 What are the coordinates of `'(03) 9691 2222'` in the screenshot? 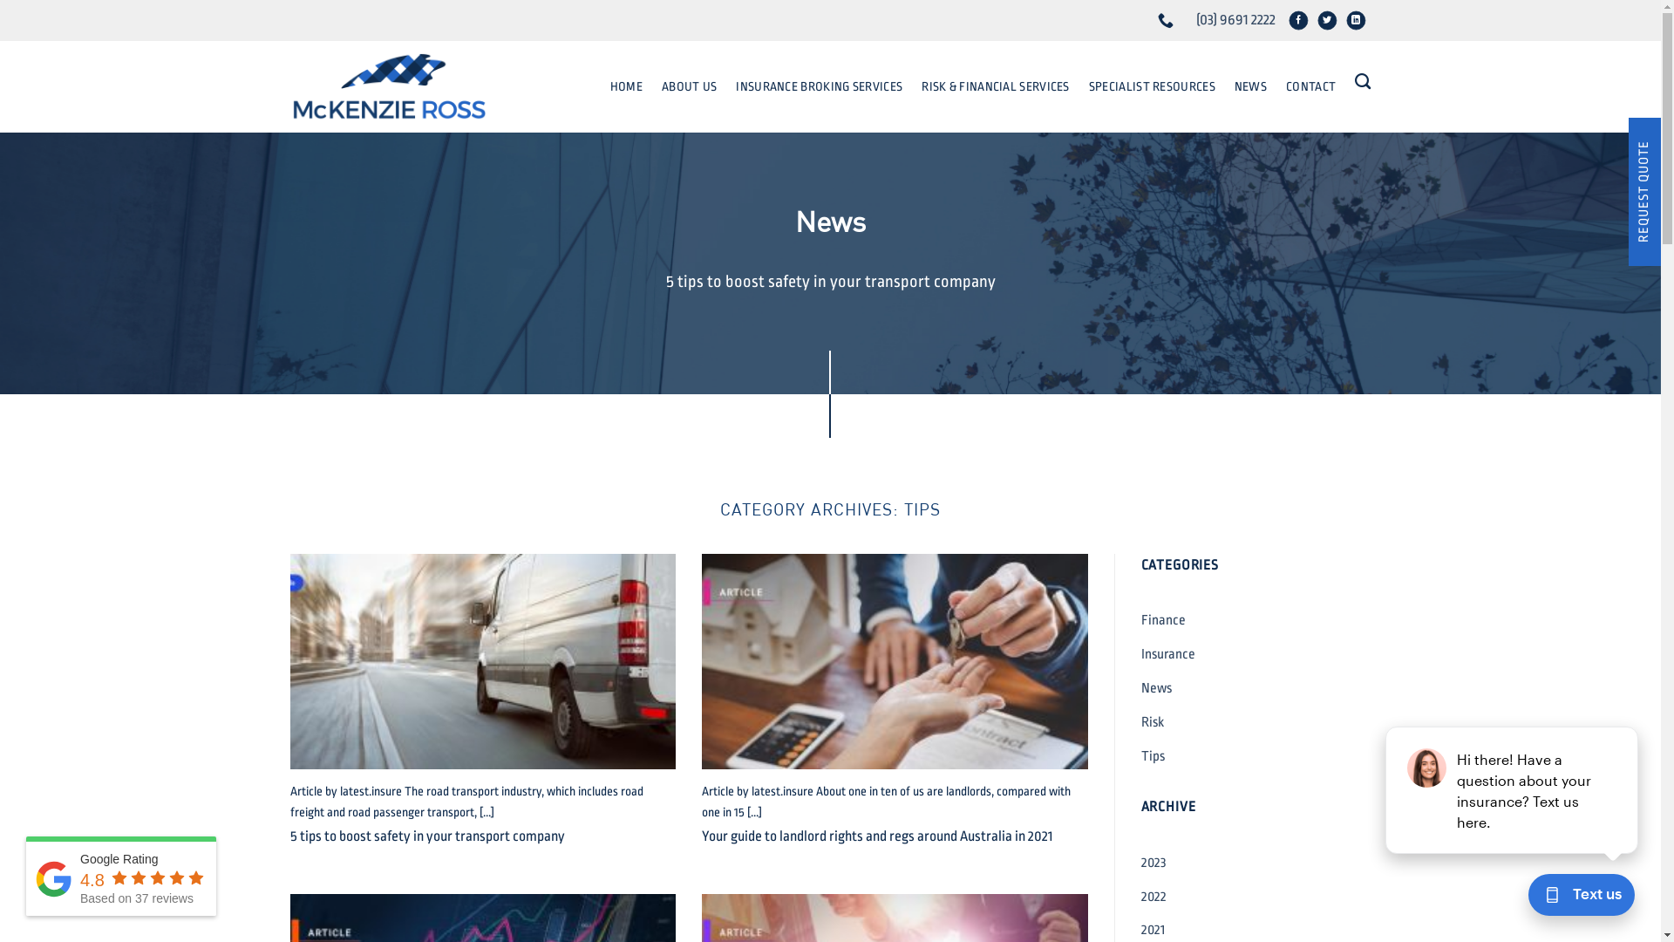 It's located at (1235, 19).